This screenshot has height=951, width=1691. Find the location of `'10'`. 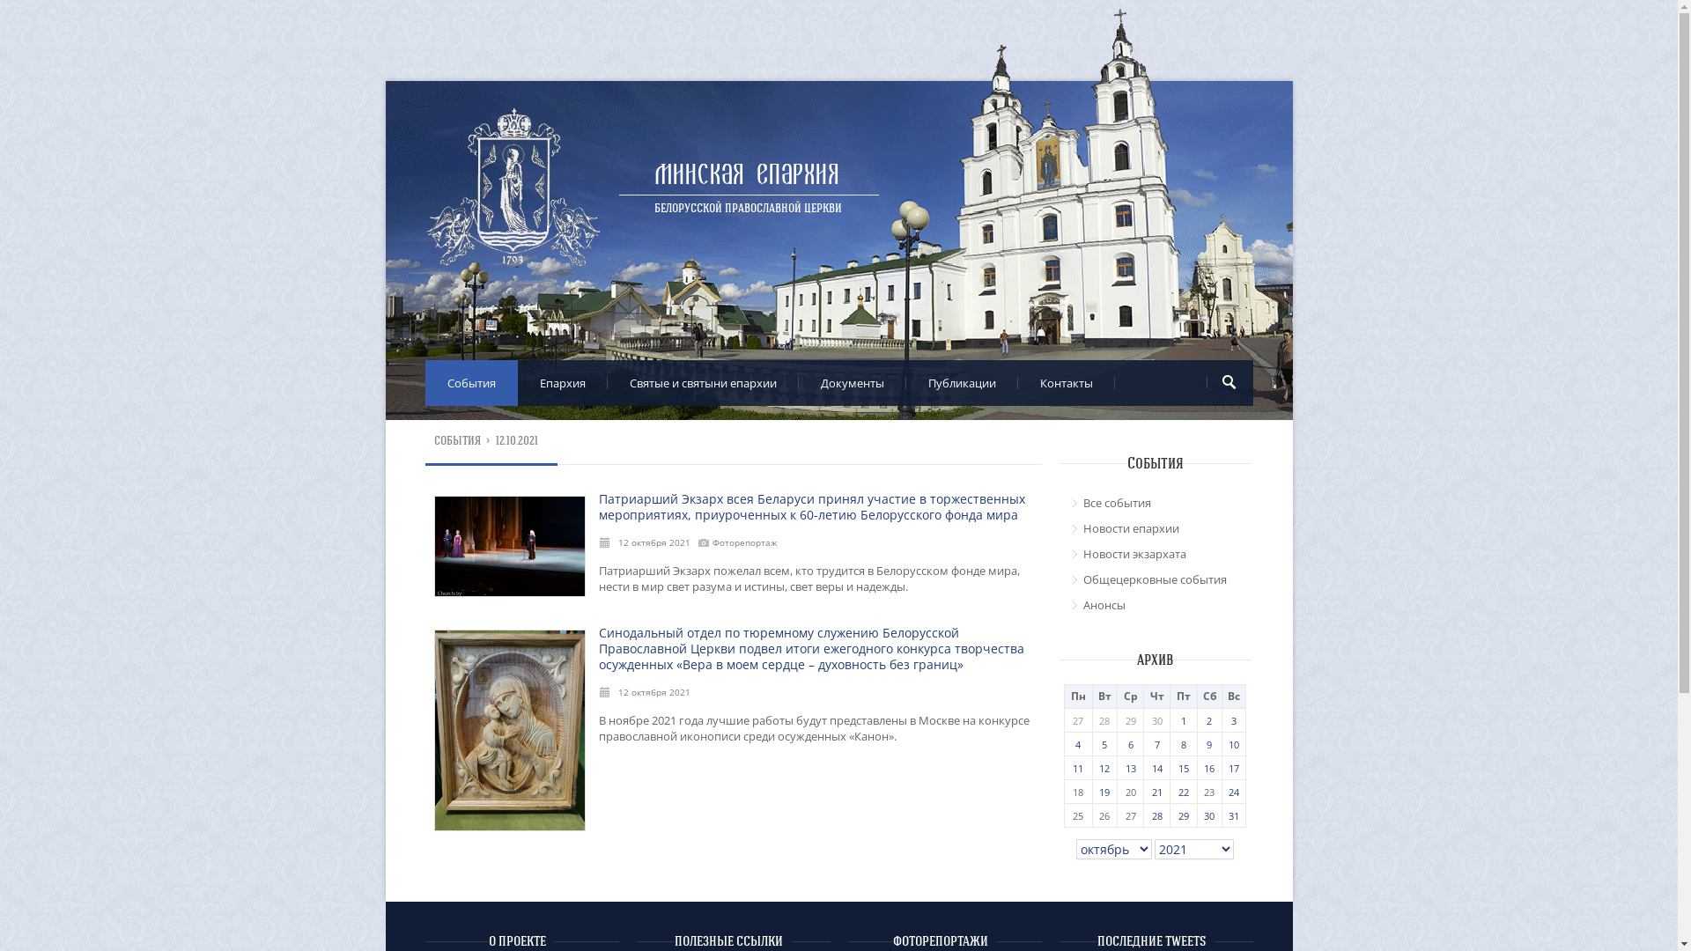

'10' is located at coordinates (1233, 744).